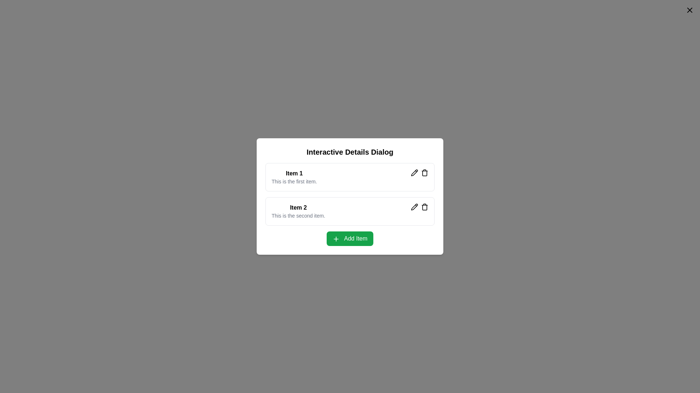  Describe the element at coordinates (298, 211) in the screenshot. I see `the informational text block that displays the title and description of the second item in a stacked list, positioned below the block titled 'Item 1'` at that location.